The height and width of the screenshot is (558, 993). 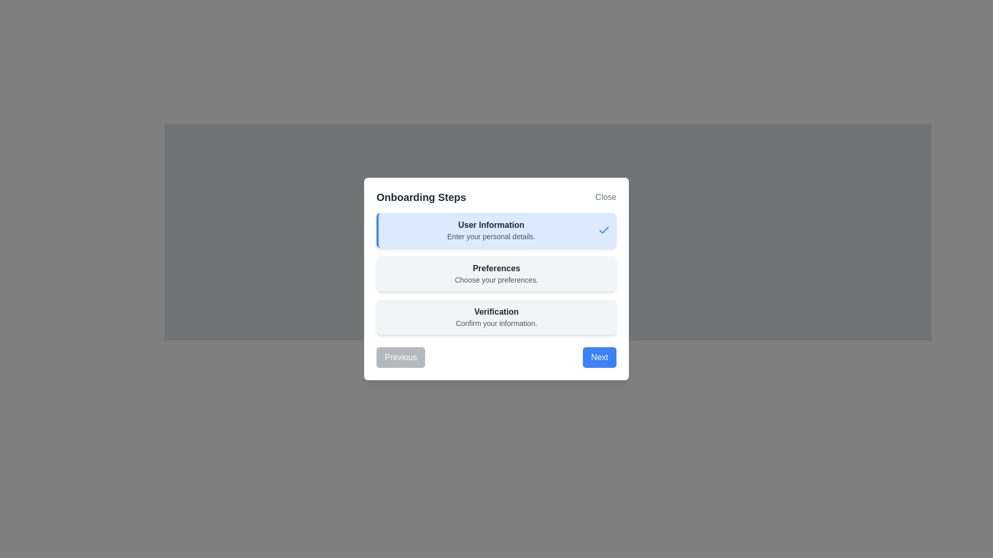 What do you see at coordinates (496, 273) in the screenshot?
I see `the 'Preferences' step indicator in the Onboarding Steps dialog, which is the second section of three in the vertical list` at bounding box center [496, 273].